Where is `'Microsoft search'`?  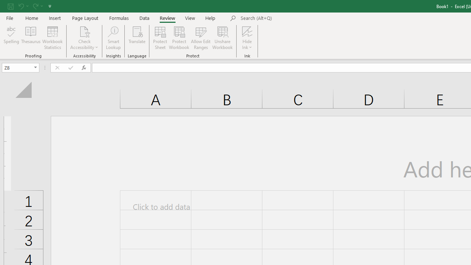 'Microsoft search' is located at coordinates (291, 18).